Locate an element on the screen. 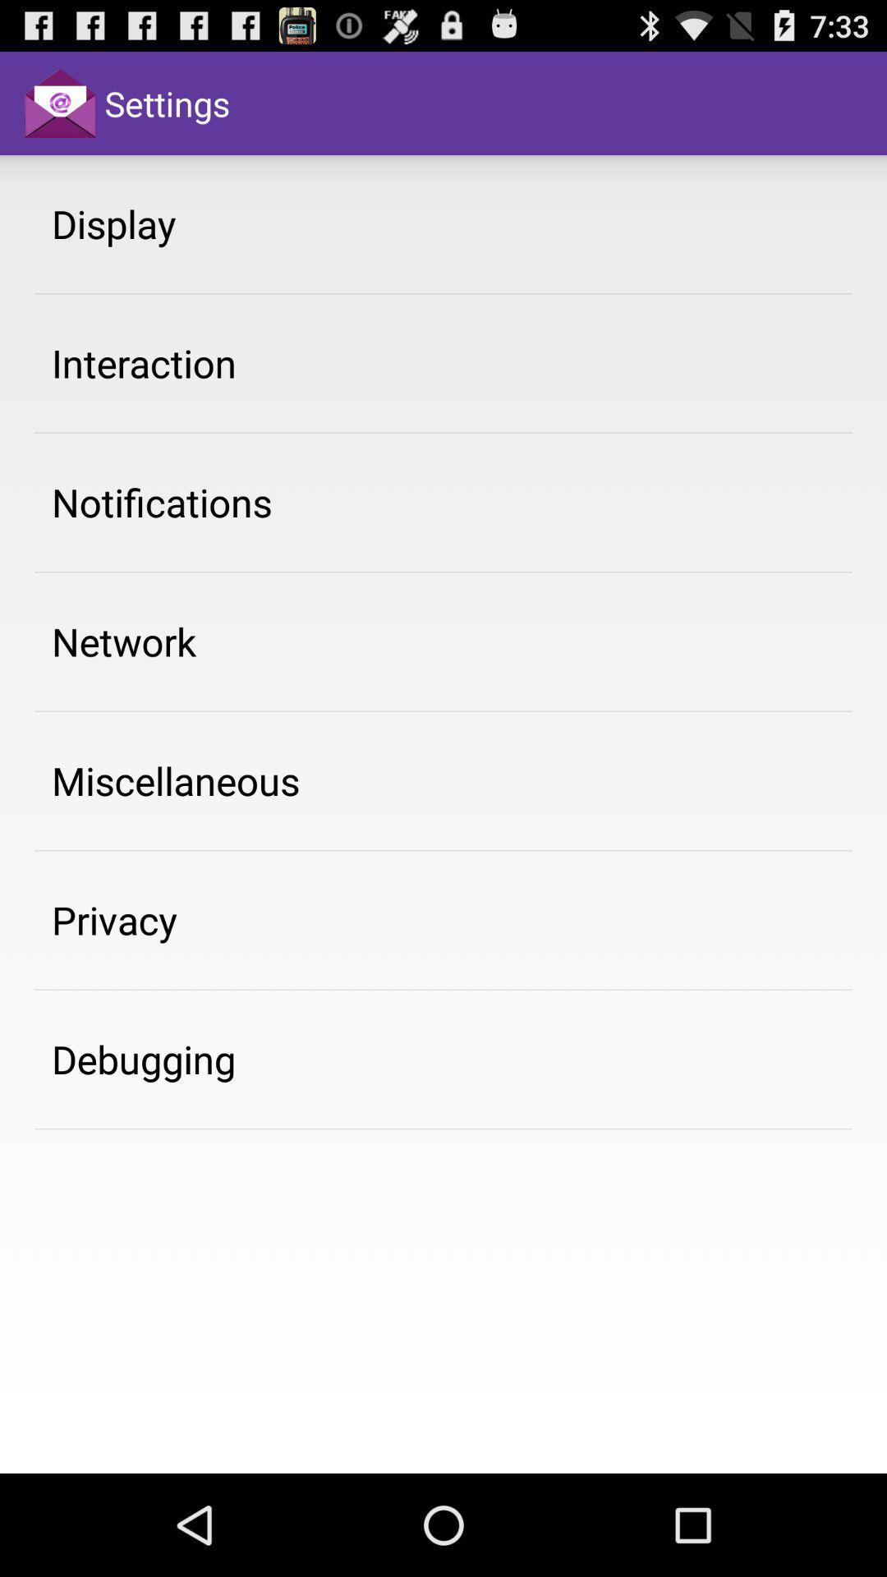  the icon above the debugging icon is located at coordinates (113, 920).